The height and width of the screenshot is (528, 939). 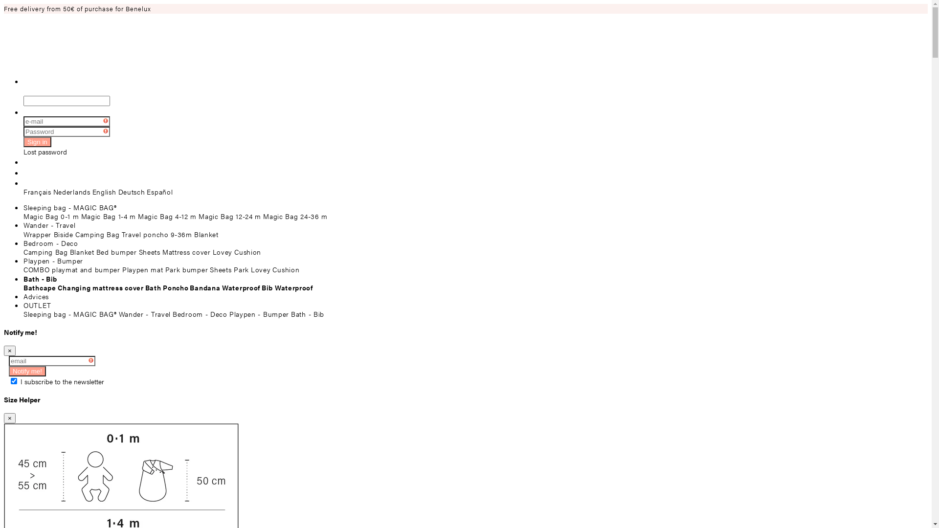 What do you see at coordinates (259, 313) in the screenshot?
I see `'Playpen - Bumper'` at bounding box center [259, 313].